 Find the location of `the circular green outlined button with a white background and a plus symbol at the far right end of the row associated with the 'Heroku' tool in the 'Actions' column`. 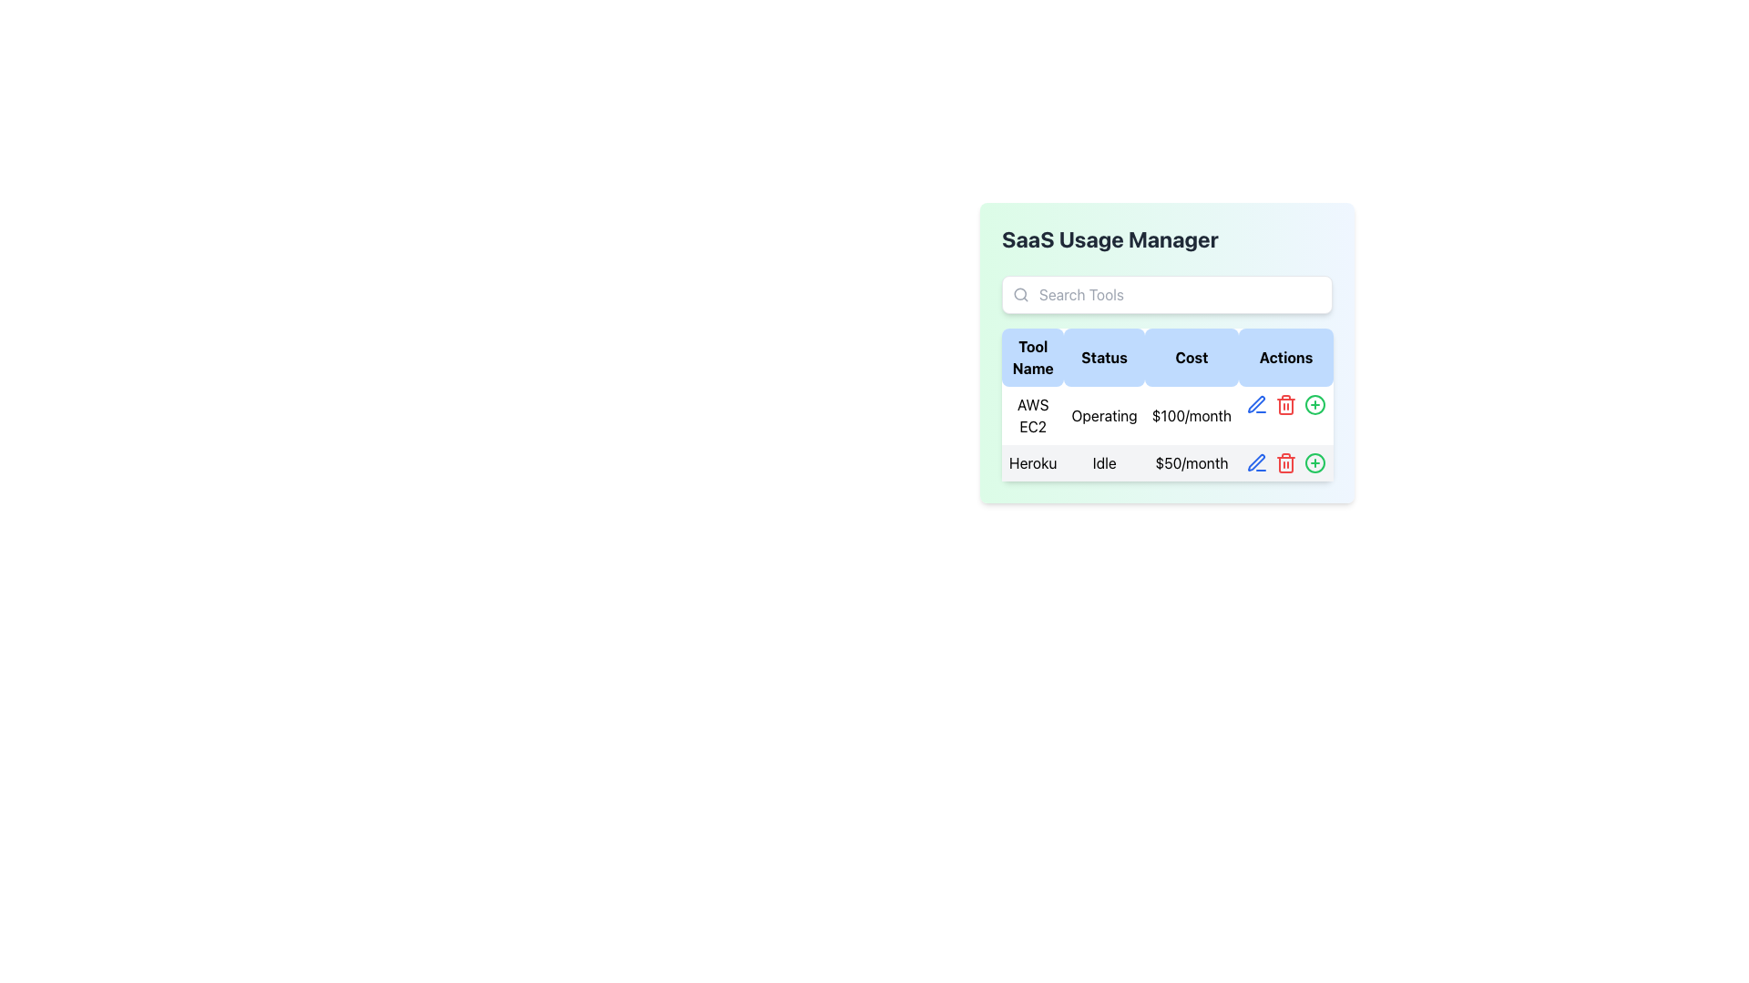

the circular green outlined button with a white background and a plus symbol at the far right end of the row associated with the 'Heroku' tool in the 'Actions' column is located at coordinates (1315, 462).